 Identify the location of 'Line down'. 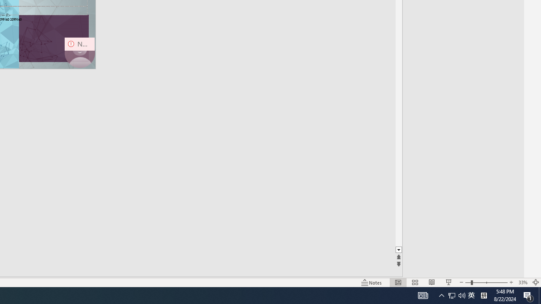
(398, 250).